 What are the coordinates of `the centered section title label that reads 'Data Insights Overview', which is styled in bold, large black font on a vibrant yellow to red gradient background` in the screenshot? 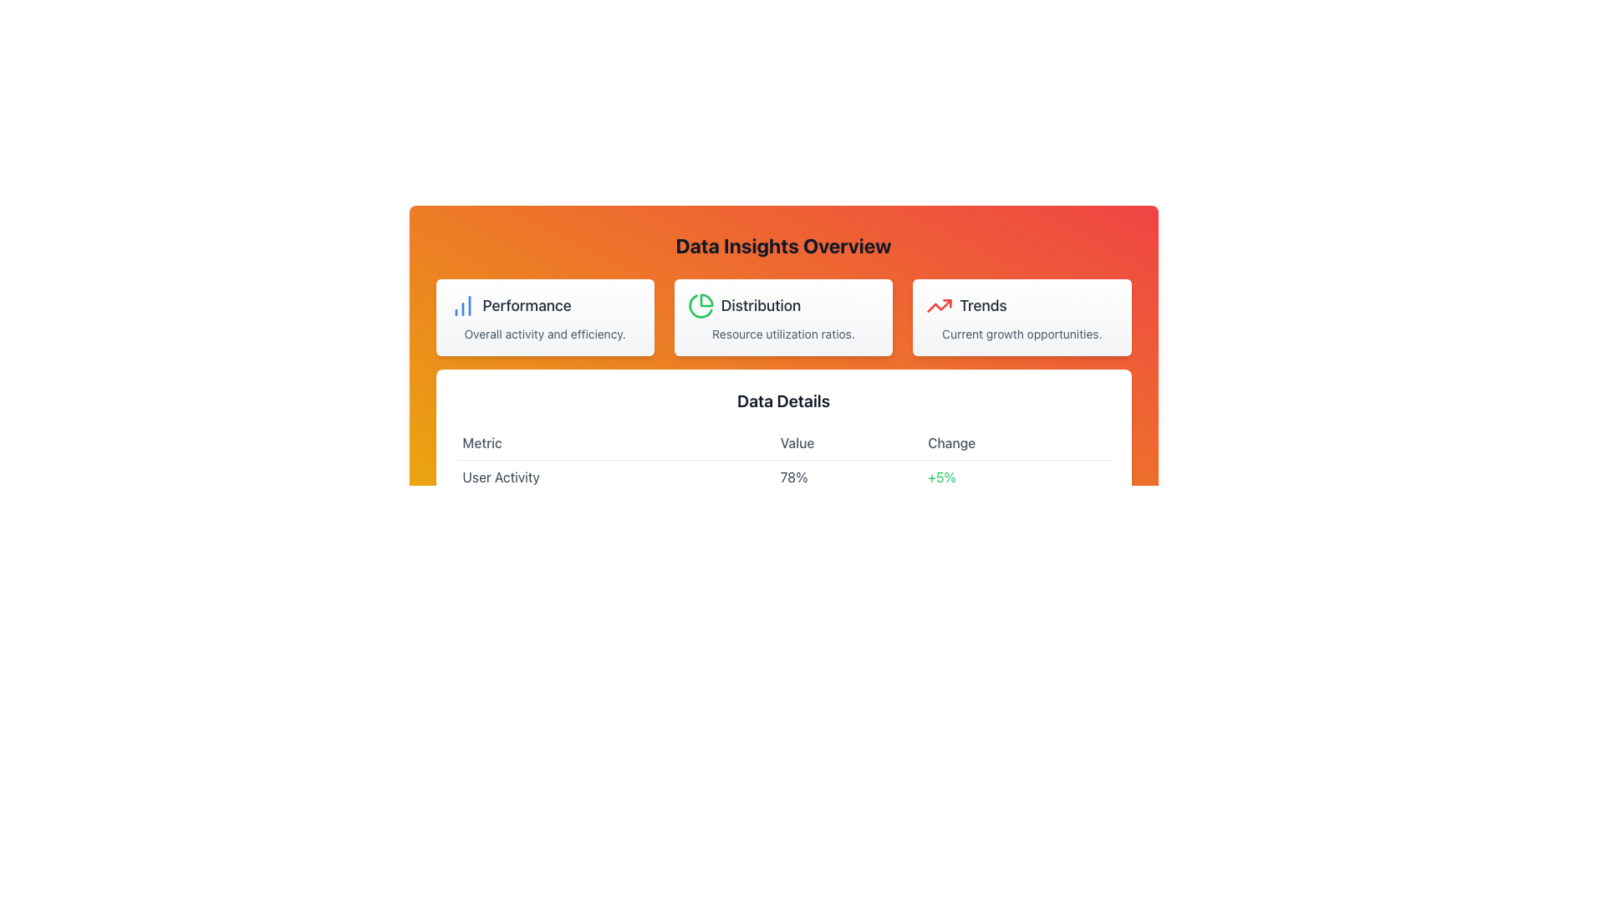 It's located at (782, 245).